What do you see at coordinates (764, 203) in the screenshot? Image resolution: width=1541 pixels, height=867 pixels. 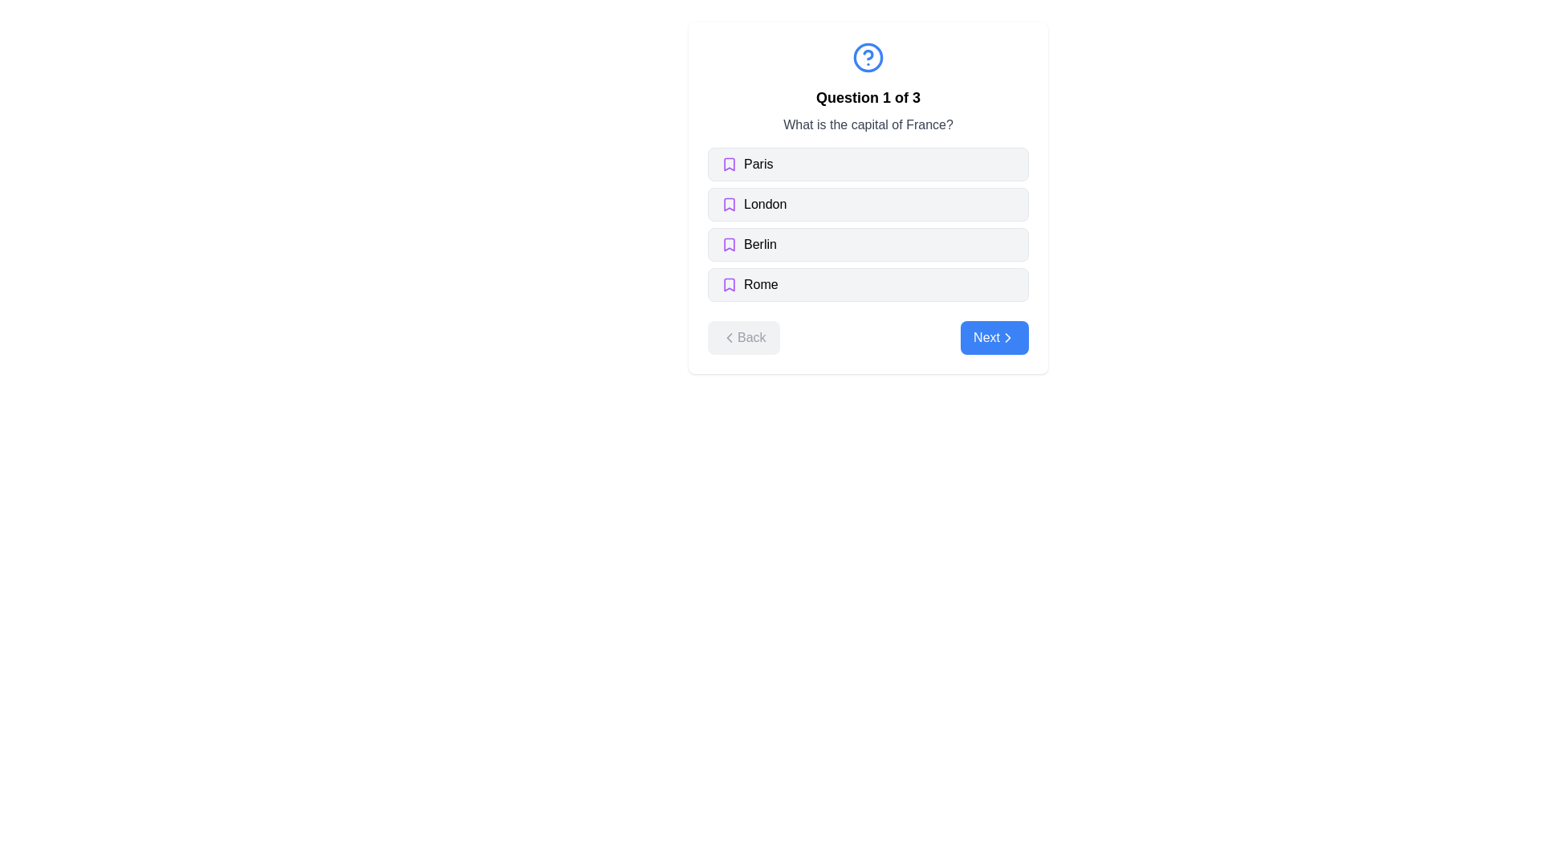 I see `the text label displaying 'London'` at bounding box center [764, 203].